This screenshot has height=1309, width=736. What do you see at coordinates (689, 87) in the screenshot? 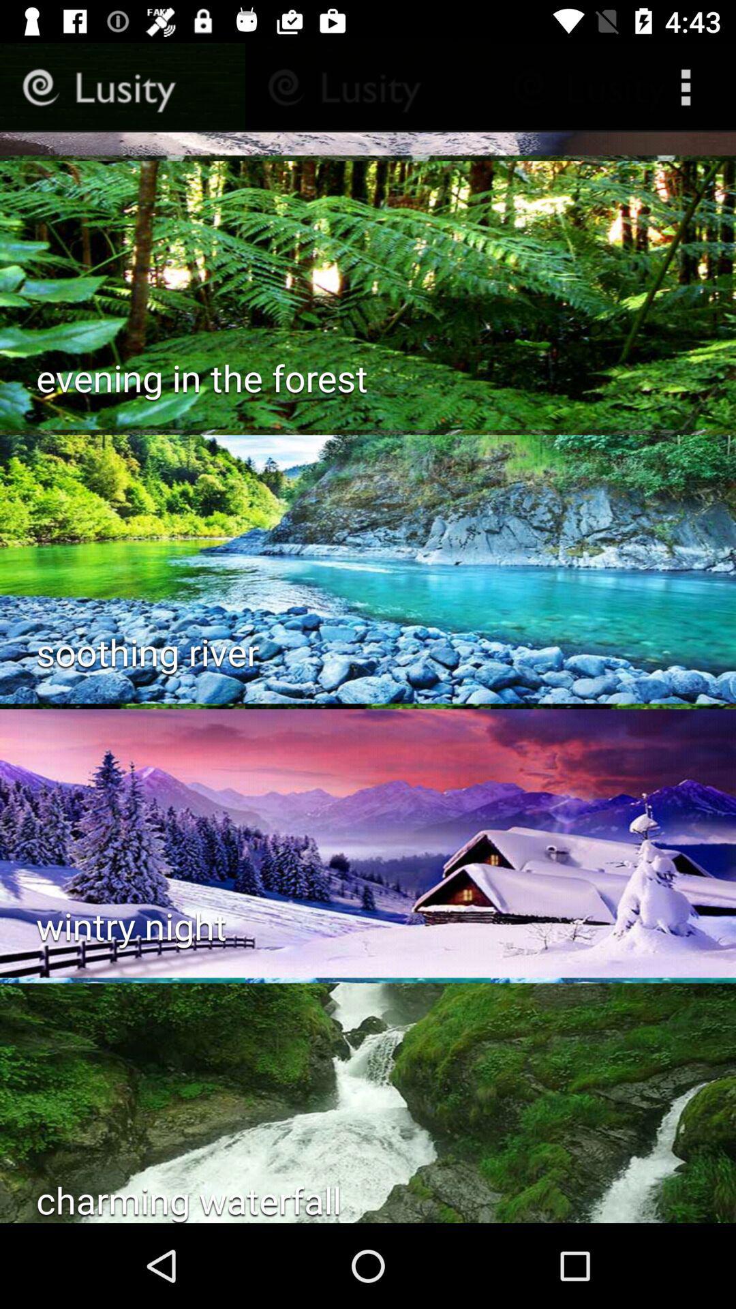
I see `more option` at bounding box center [689, 87].